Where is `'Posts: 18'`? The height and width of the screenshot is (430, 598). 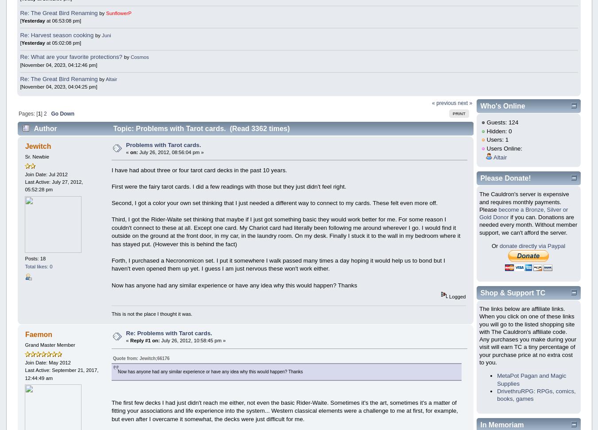
'Posts: 18' is located at coordinates (35, 258).